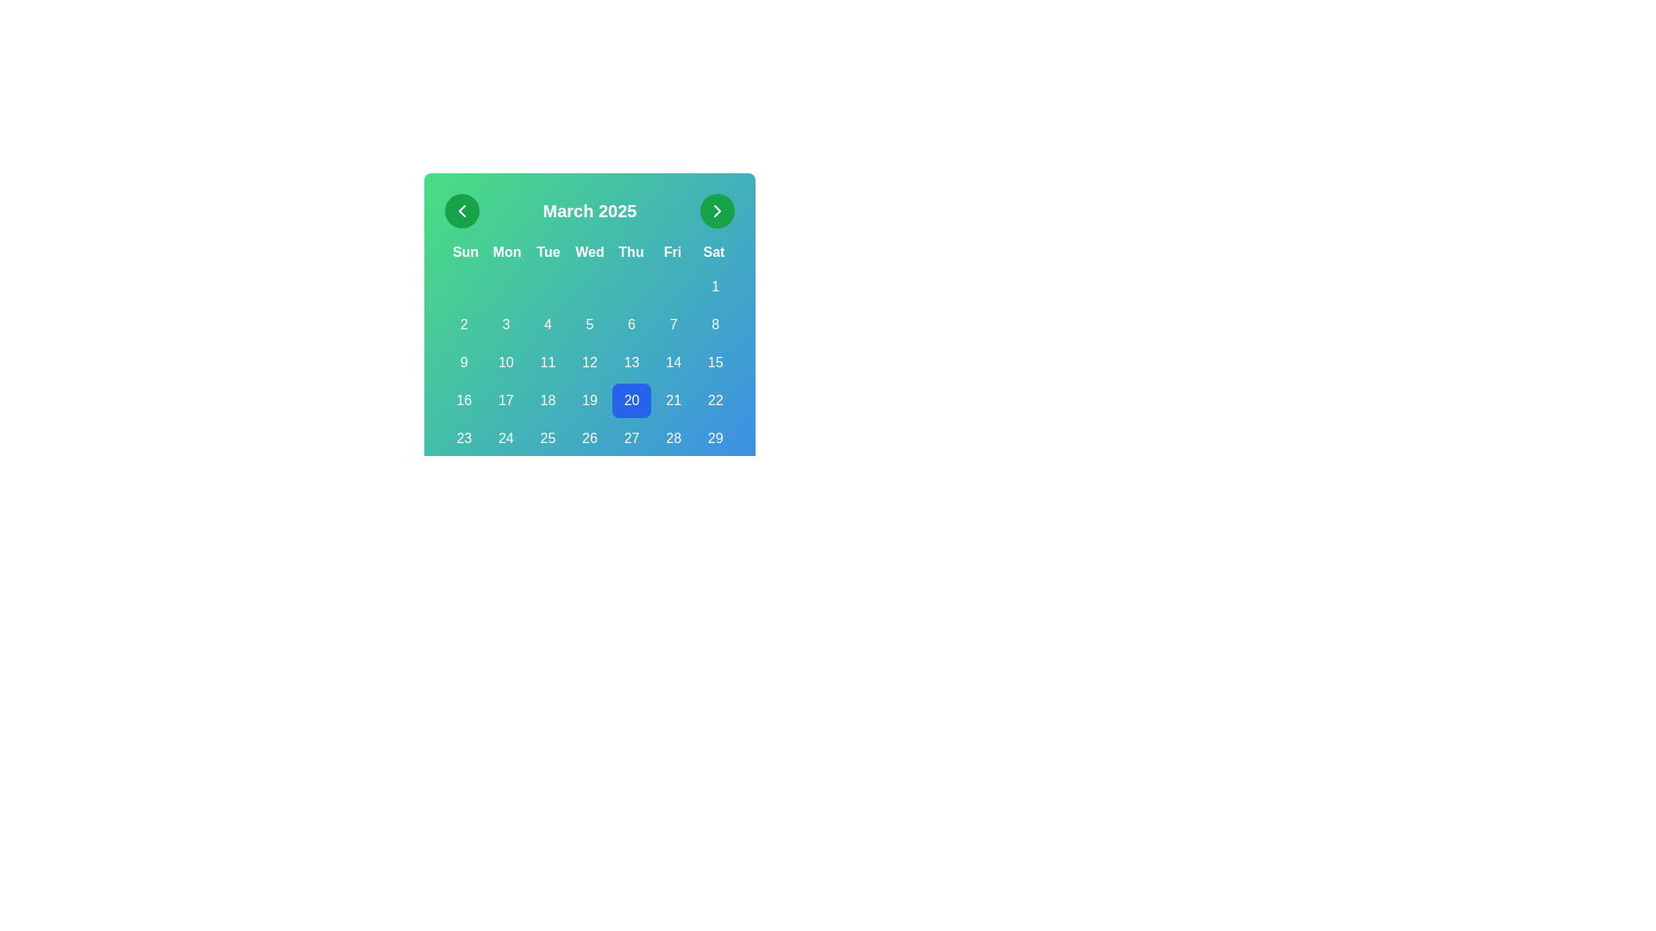  What do you see at coordinates (630, 253) in the screenshot?
I see `the text label displaying 'Thu', which is the fifth element in a row of abbreviated day names on a digital calendar interface` at bounding box center [630, 253].